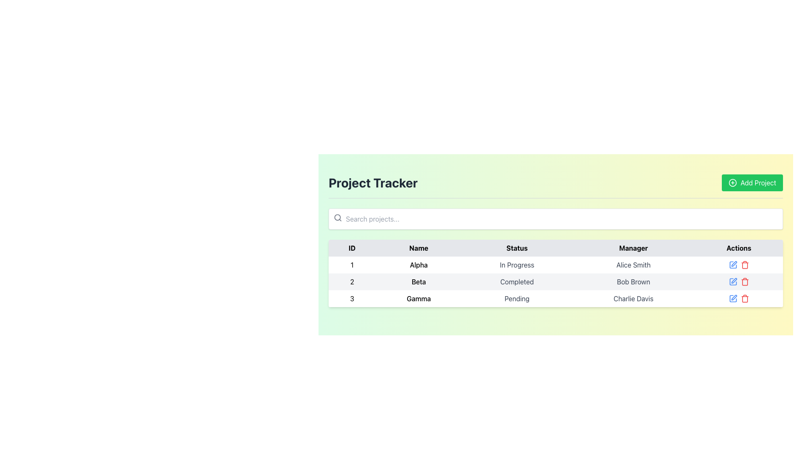  Describe the element at coordinates (633, 264) in the screenshot. I see `the Text Display element that shows the manager's name in the first row of the data table, located between the 'Status' and 'Actions' columns` at that location.